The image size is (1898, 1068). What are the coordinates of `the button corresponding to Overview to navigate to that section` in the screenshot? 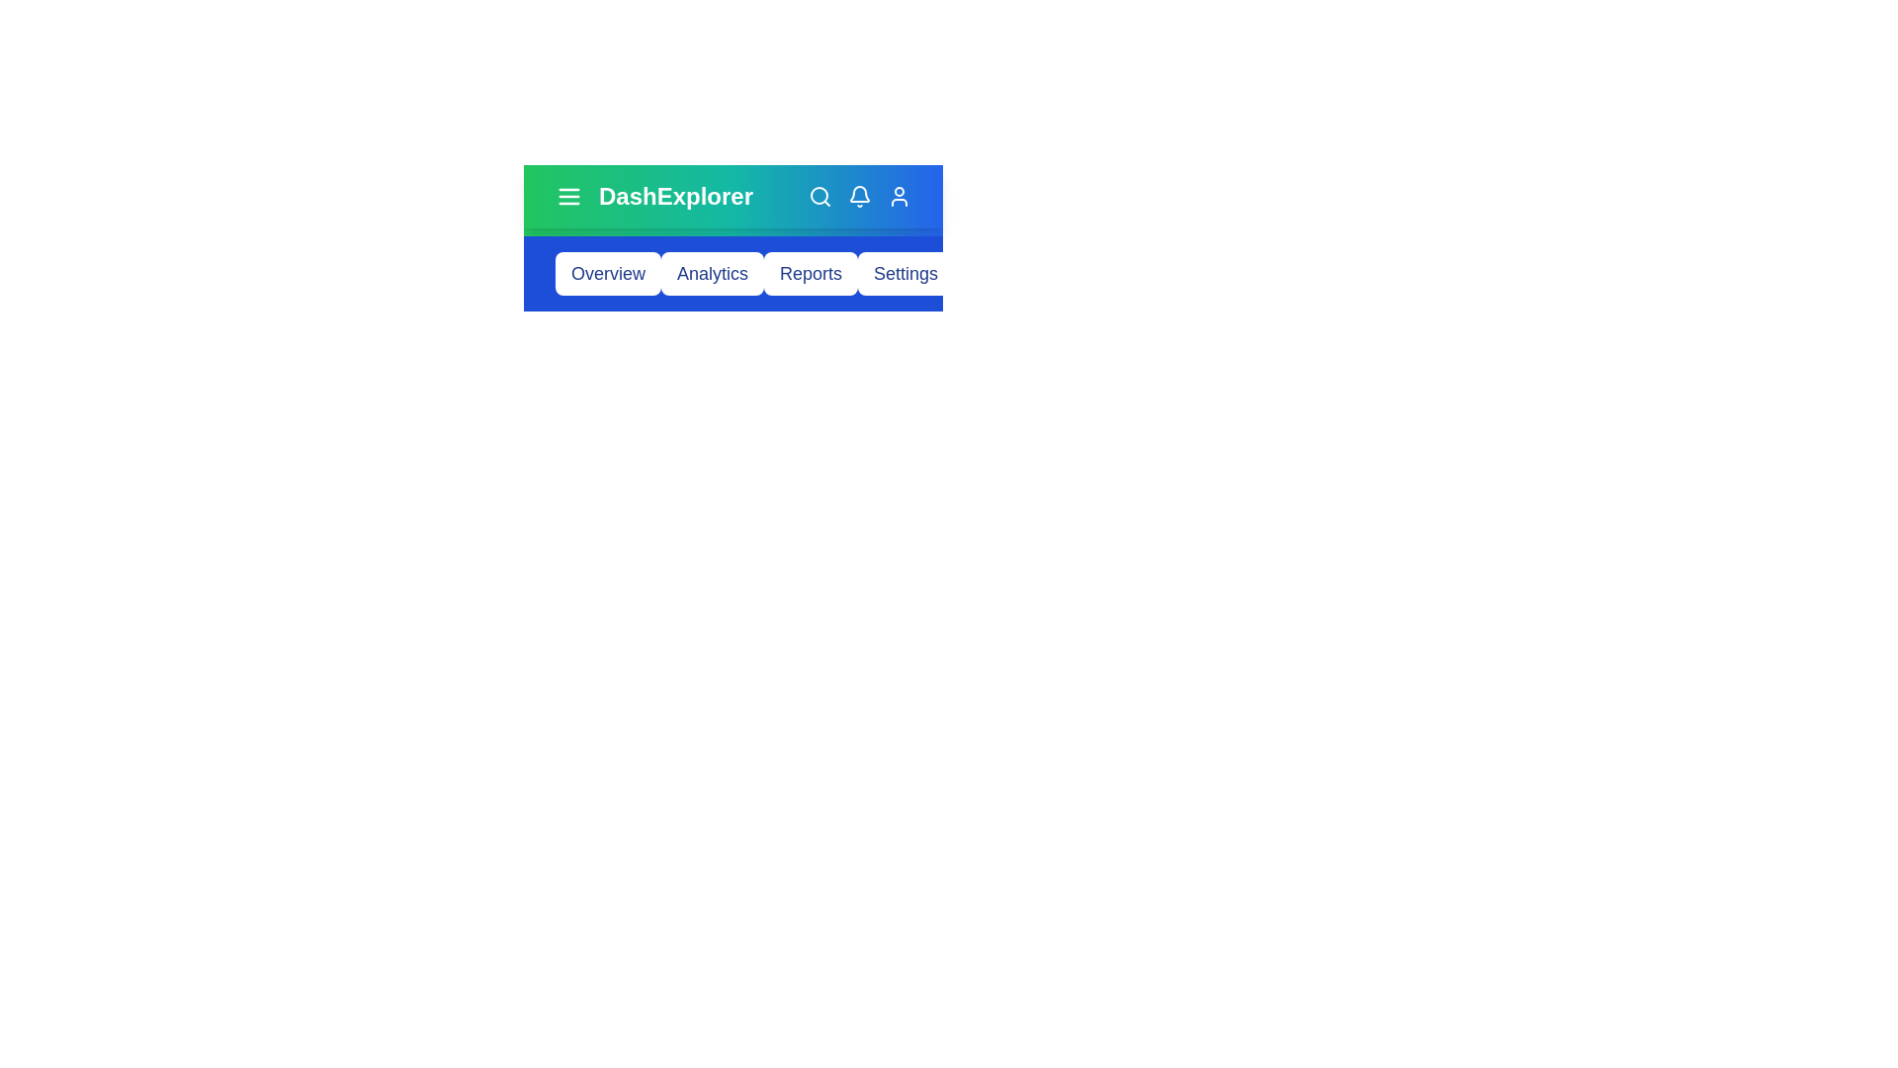 It's located at (606, 274).